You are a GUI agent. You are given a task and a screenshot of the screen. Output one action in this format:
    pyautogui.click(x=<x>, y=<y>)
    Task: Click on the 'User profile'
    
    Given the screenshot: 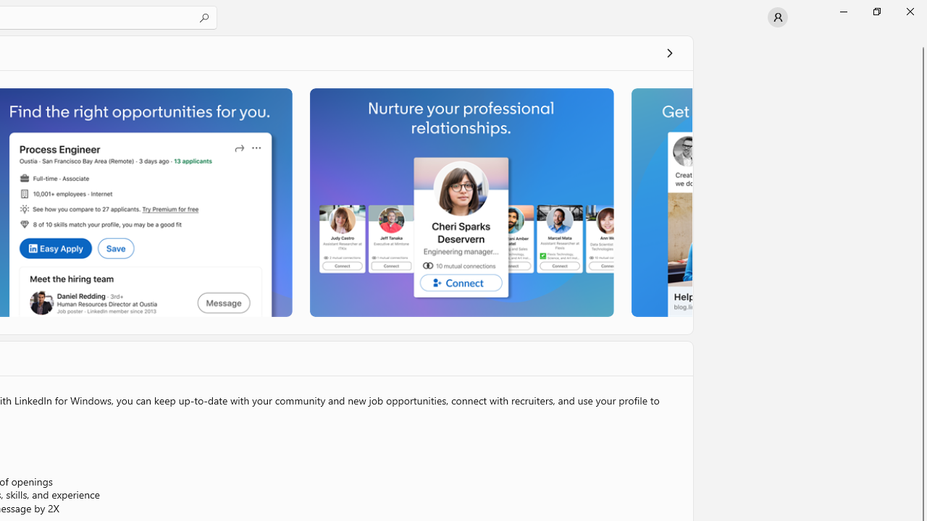 What is the action you would take?
    pyautogui.click(x=776, y=17)
    